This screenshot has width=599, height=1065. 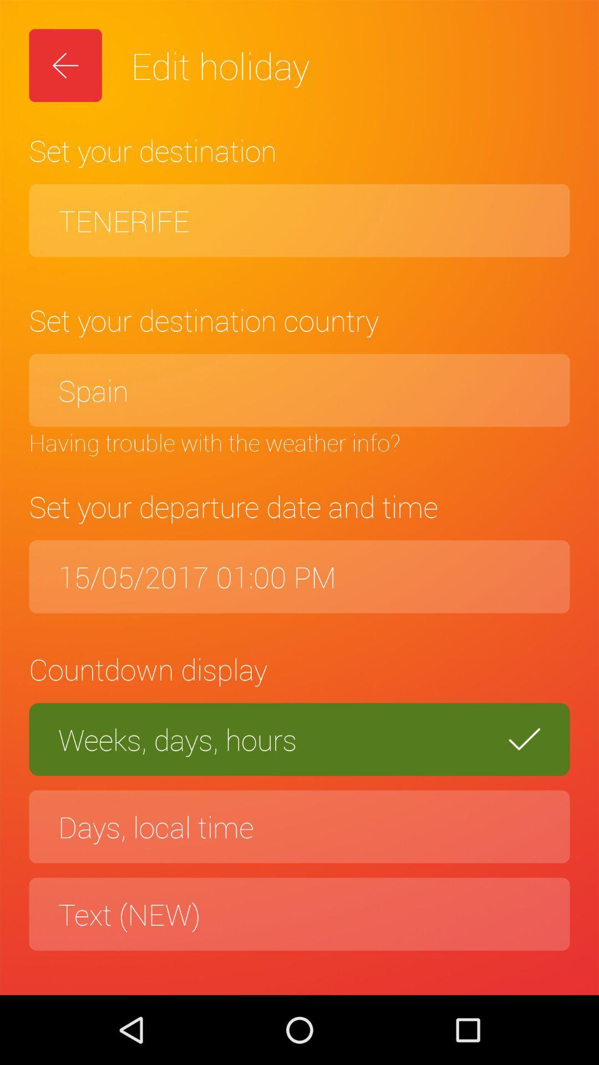 What do you see at coordinates (65, 65) in the screenshot?
I see `the arrow_backward icon` at bounding box center [65, 65].